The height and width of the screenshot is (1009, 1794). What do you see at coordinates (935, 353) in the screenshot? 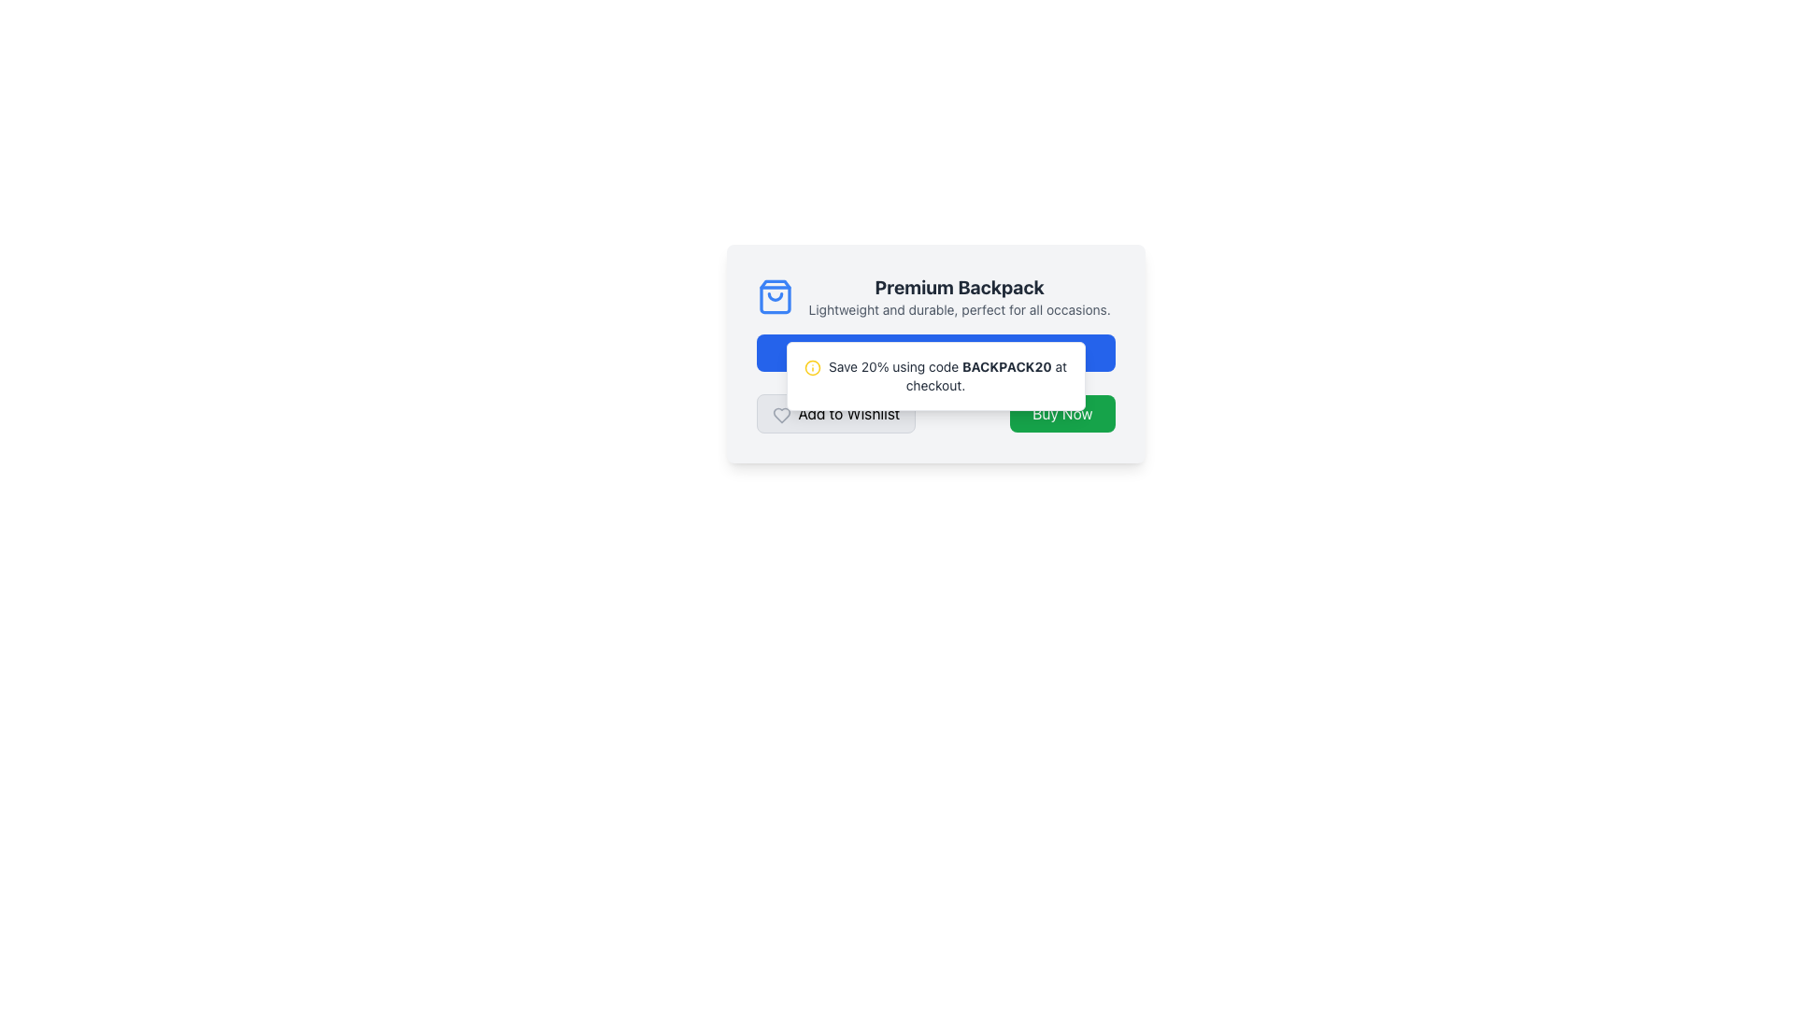
I see `the button that provides additional information about the premium backpack product` at bounding box center [935, 353].